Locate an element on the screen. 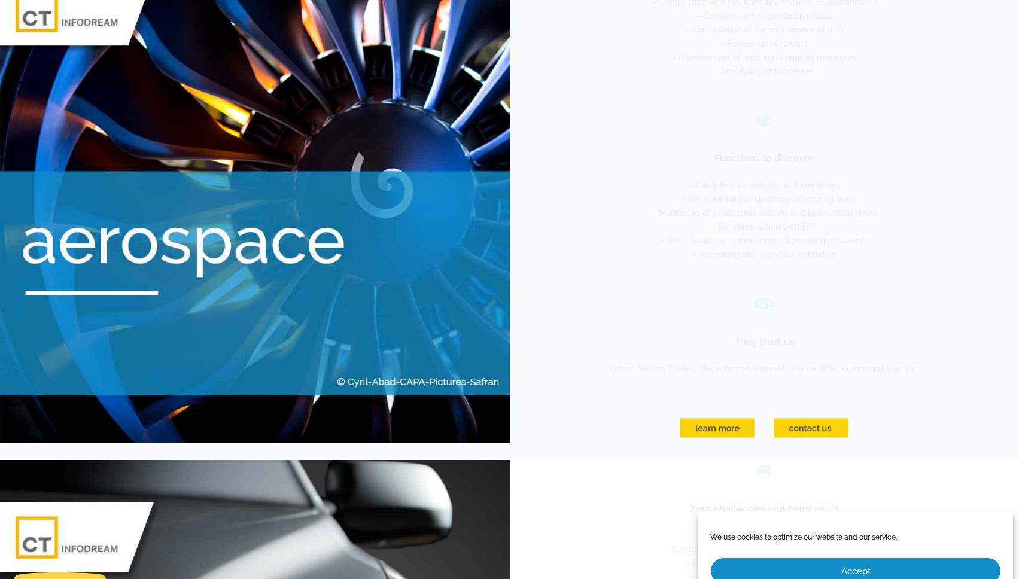 The height and width of the screenshot is (579, 1019). '– Synchronisation with ERP' is located at coordinates (764, 225).